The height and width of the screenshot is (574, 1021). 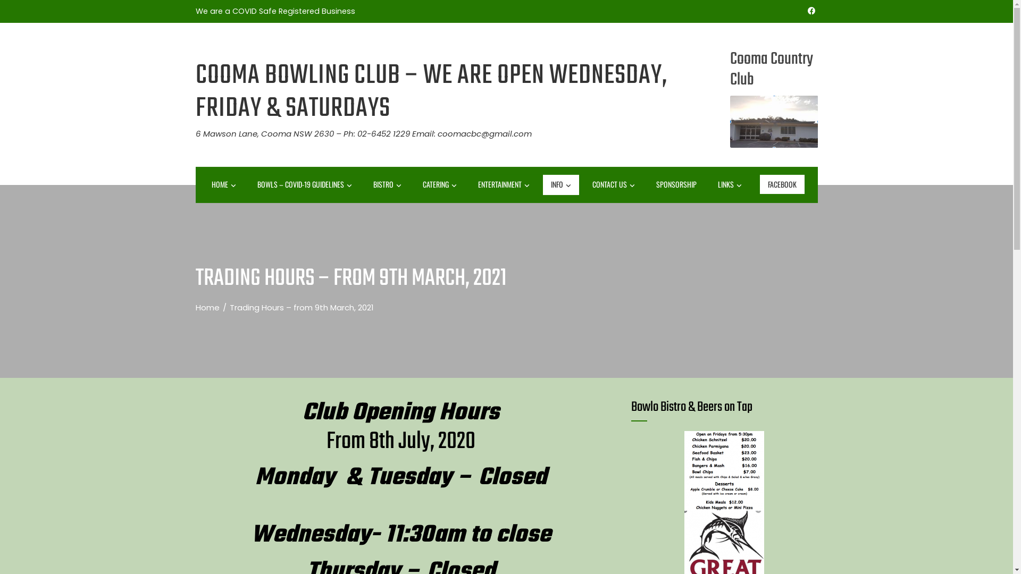 I want to click on 'Home', so click(x=207, y=307).